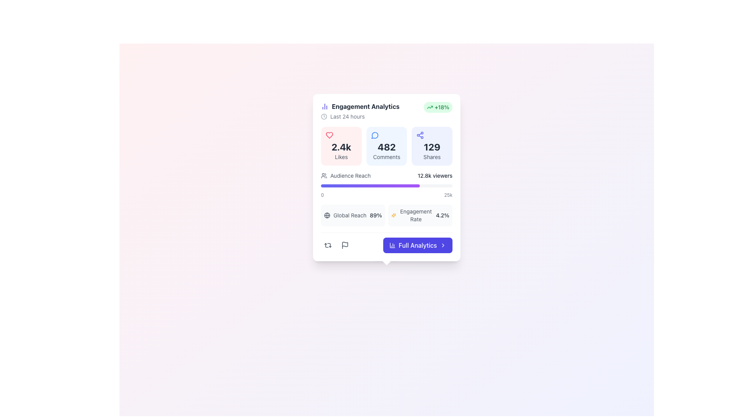 The height and width of the screenshot is (420, 747). What do you see at coordinates (386, 111) in the screenshot?
I see `the informational header section that summarizes engagement analytics` at bounding box center [386, 111].